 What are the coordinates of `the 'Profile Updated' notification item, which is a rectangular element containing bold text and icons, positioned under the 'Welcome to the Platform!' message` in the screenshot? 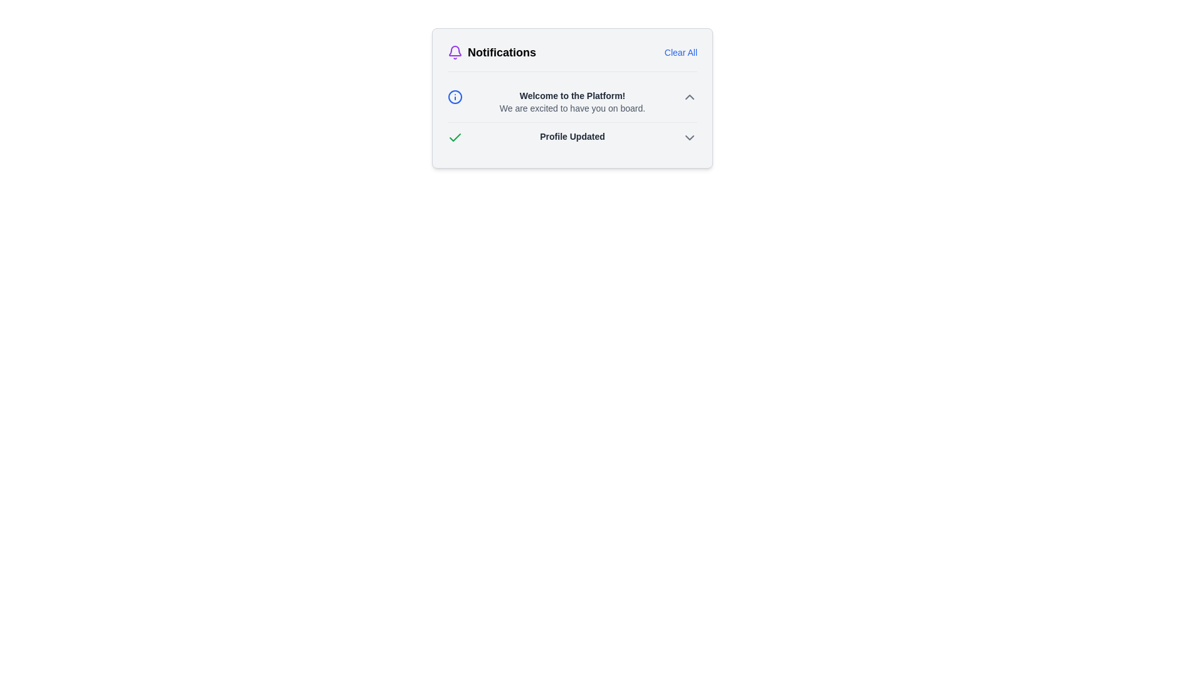 It's located at (571, 137).